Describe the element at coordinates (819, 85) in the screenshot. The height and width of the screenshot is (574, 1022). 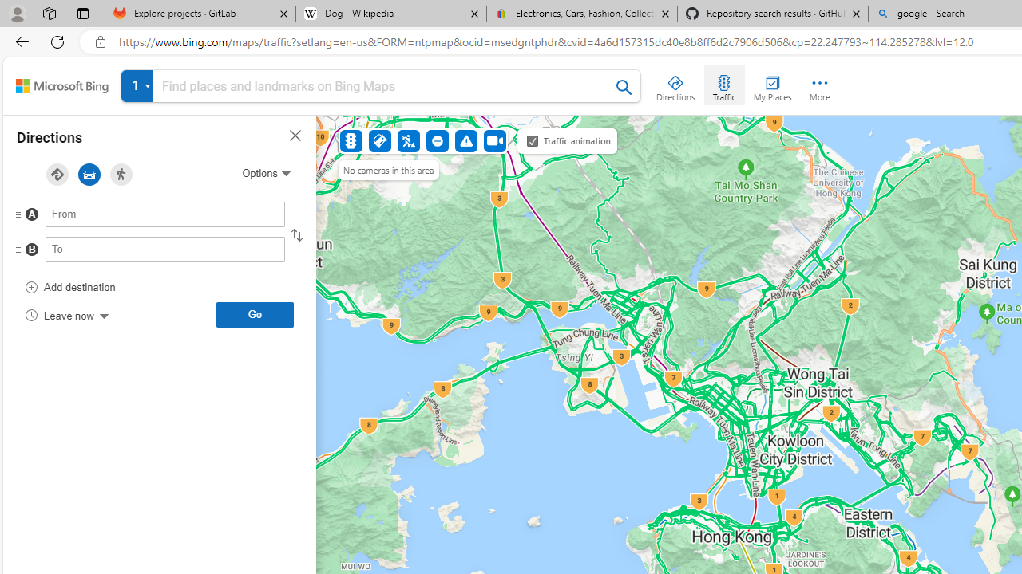
I see `'More'` at that location.